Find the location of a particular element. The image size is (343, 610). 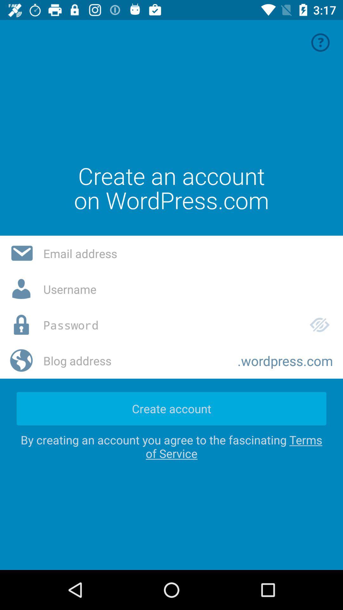

the item above create an account is located at coordinates (320, 42).